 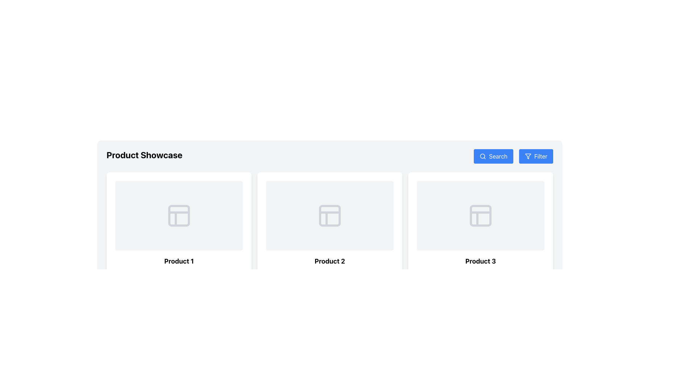 What do you see at coordinates (330, 261) in the screenshot?
I see `the text label displaying the title 'Product 2', which is the header of the middle card in a horizontally aligned group of cards, to visually reference the product` at bounding box center [330, 261].